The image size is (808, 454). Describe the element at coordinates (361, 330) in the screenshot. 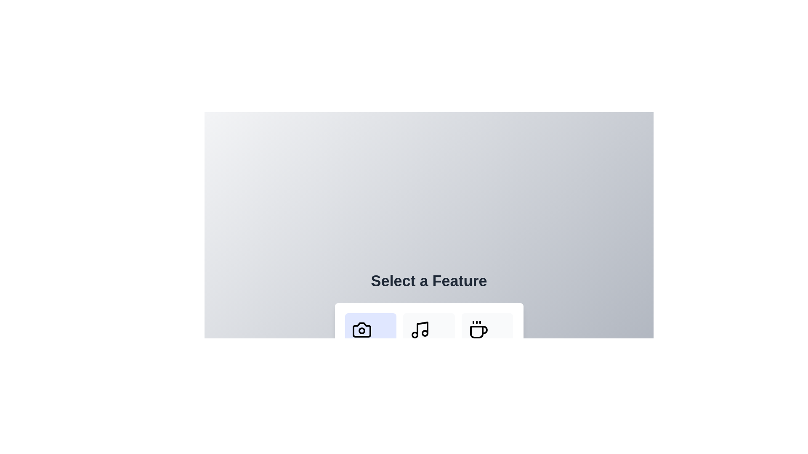

I see `the camera icon located at the bottom center of the application interface, which represents the main body of the camera within the 'Select a Feature' section` at that location.